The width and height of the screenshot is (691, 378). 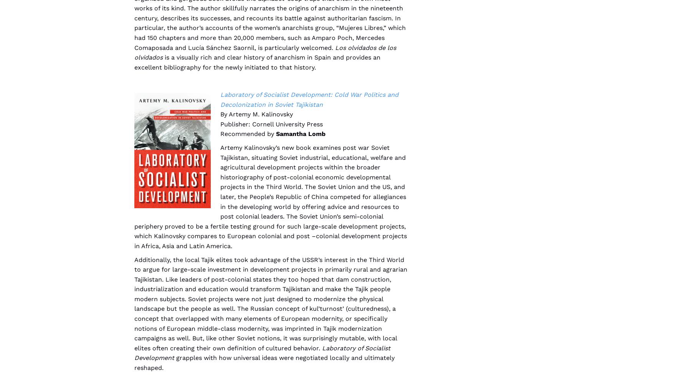 What do you see at coordinates (270, 303) in the screenshot?
I see `'Additionally, the local Tajik elites took advantage of the USSR’s interest in the Third World to argue for large-scale investment in development projects in primarily rural and agrarian Tajikistan. Like leaders of post-colonial states they too hoped that dam construction, industrialization and education would transform Tajikistan and make the Tajik people modern subjects. Soviet projects were not just designed to modernize the physical landscape but the people as well. The Russian concept of kul’turnost’ (culturedness), a concept that overlapped with many elements of European modernity, or specifically notions of European middle-class modernity, was imprinted in Tajik modernization campaigns as well. But, like other Soviet notions, it was surprisingly mutable, with local elites often creating their own definition of cultured behavior.'` at bounding box center [270, 303].